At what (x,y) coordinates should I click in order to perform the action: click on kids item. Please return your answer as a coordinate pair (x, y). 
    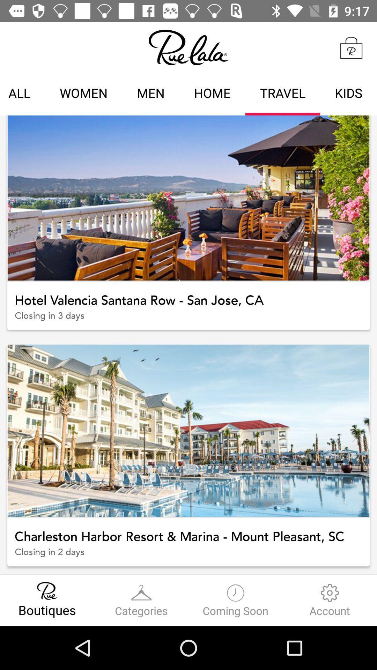
    Looking at the image, I should click on (348, 94).